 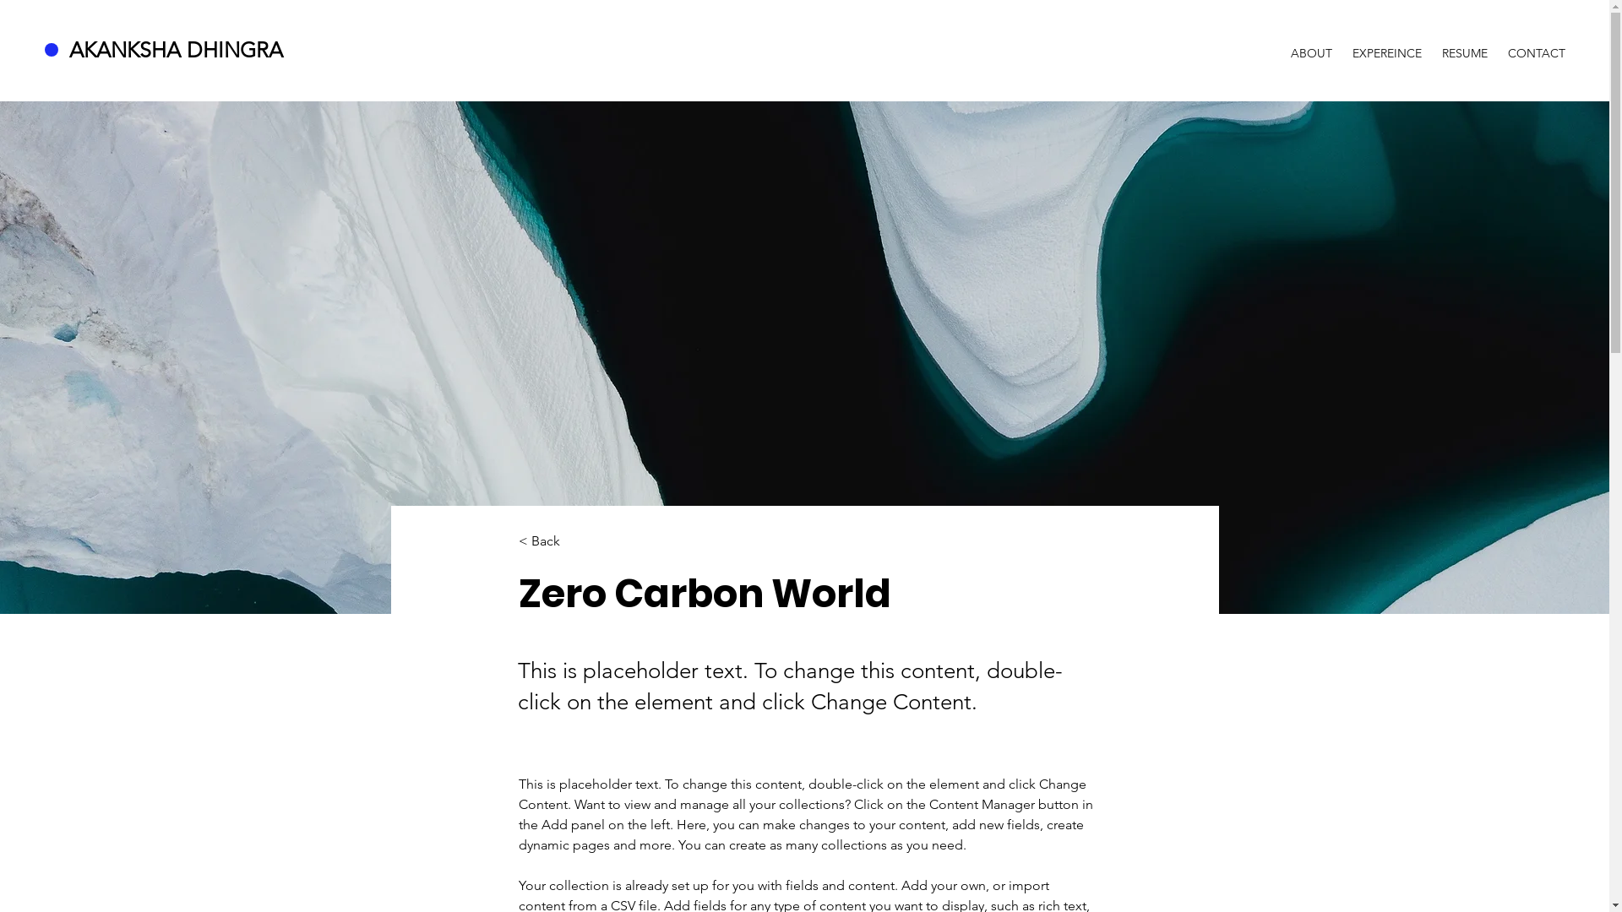 What do you see at coordinates (1386, 45) in the screenshot?
I see `'EXPEREINCE'` at bounding box center [1386, 45].